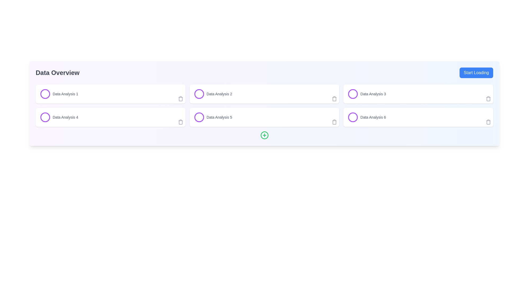 The height and width of the screenshot is (286, 508). Describe the element at coordinates (59, 117) in the screenshot. I see `the button labeled 'Data Analysis 4' with a circular icon` at that location.